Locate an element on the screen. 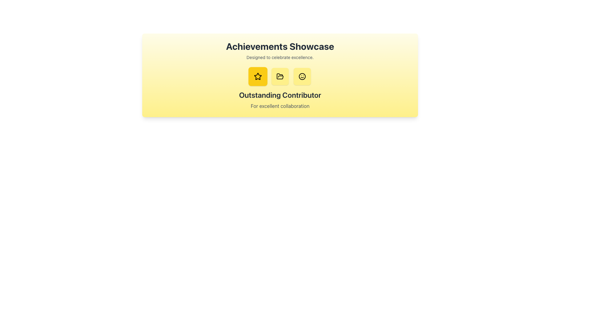 This screenshot has width=591, height=332. the star-shaped icon located within the leftmost rounded yellow square in the horizontal arrangement of three icons, positioned under the title 'Achievements Showcase' is located at coordinates (258, 76).